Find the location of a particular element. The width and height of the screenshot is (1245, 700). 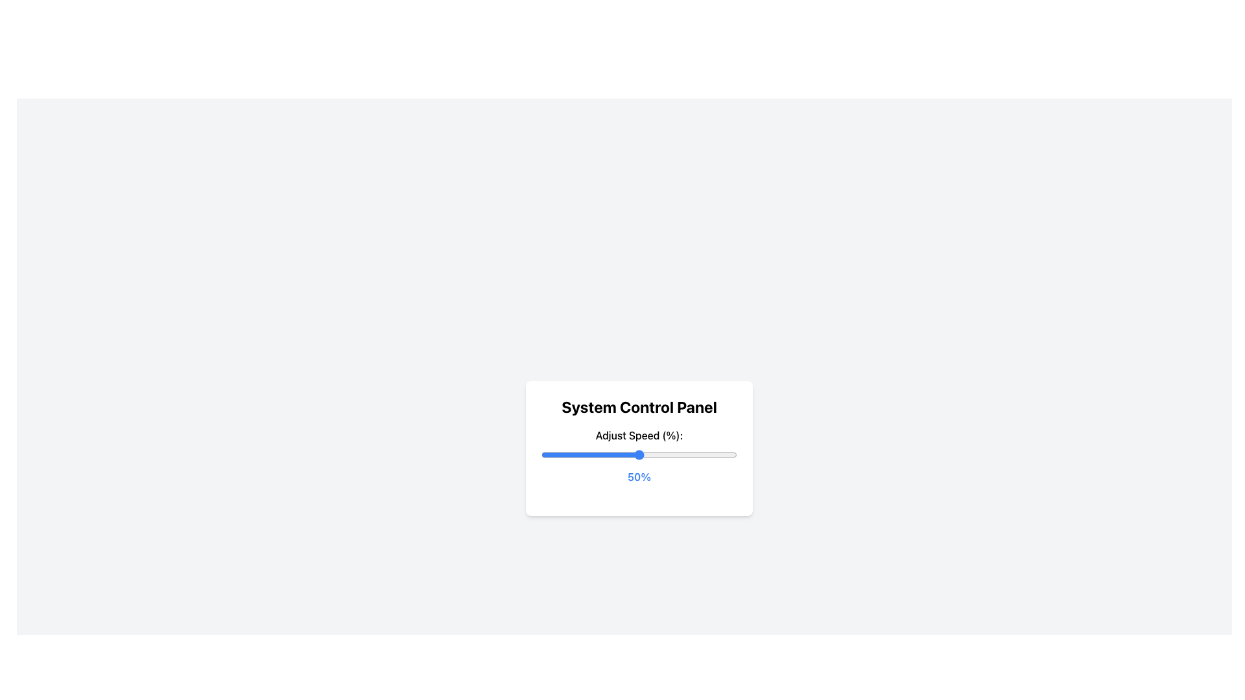

the speed is located at coordinates (561, 454).